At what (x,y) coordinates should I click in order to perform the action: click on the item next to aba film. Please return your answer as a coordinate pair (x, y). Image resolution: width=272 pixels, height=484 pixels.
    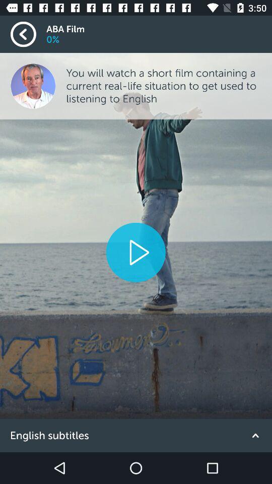
    Looking at the image, I should click on (28, 34).